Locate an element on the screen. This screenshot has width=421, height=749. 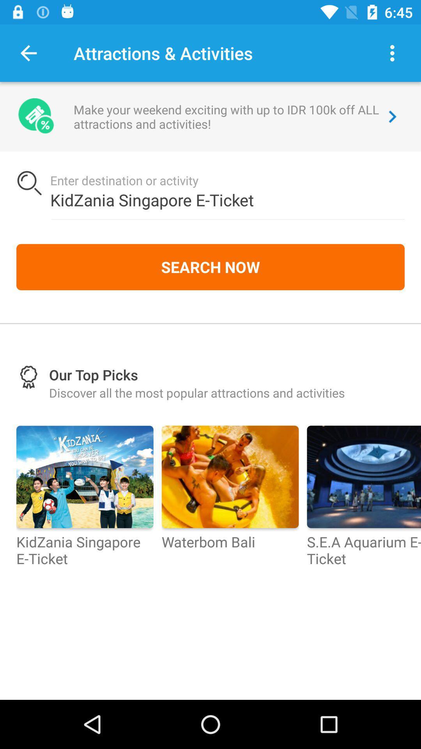
the item to the left of attractions & activities is located at coordinates (28, 53).